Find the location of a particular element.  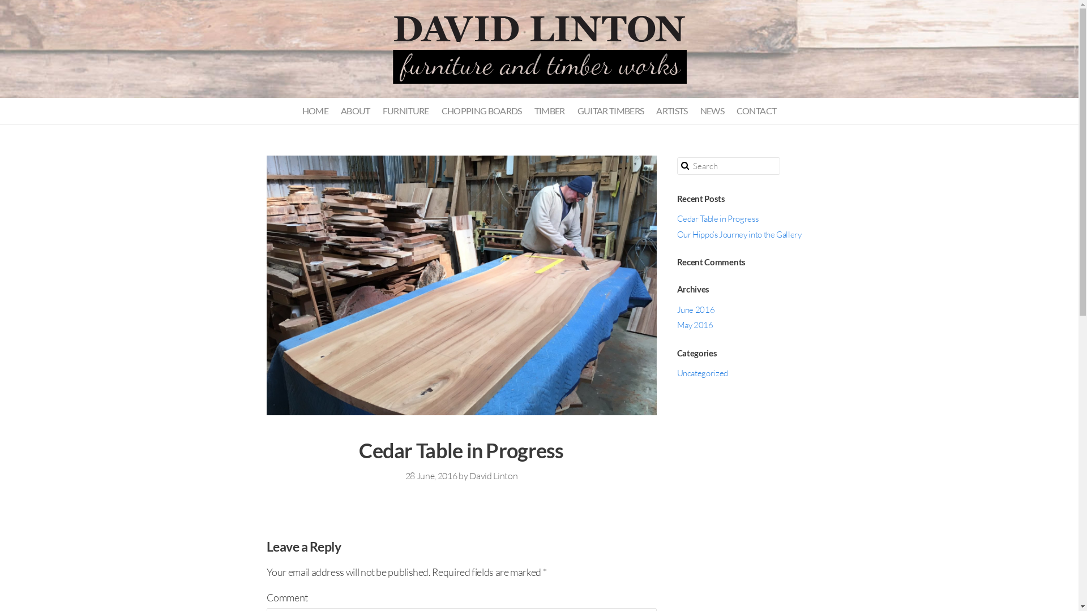

'TIMBER' is located at coordinates (549, 111).